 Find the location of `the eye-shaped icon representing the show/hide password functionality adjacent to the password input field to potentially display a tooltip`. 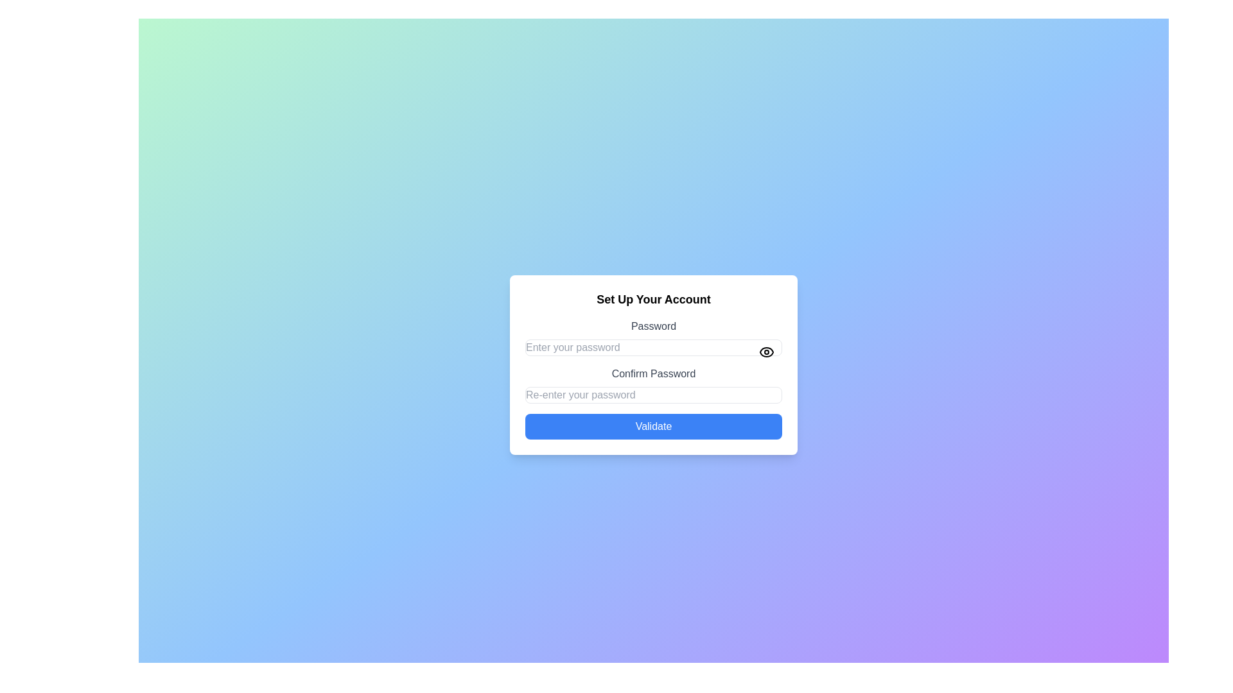

the eye-shaped icon representing the show/hide password functionality adjacent to the password input field to potentially display a tooltip is located at coordinates (767, 352).